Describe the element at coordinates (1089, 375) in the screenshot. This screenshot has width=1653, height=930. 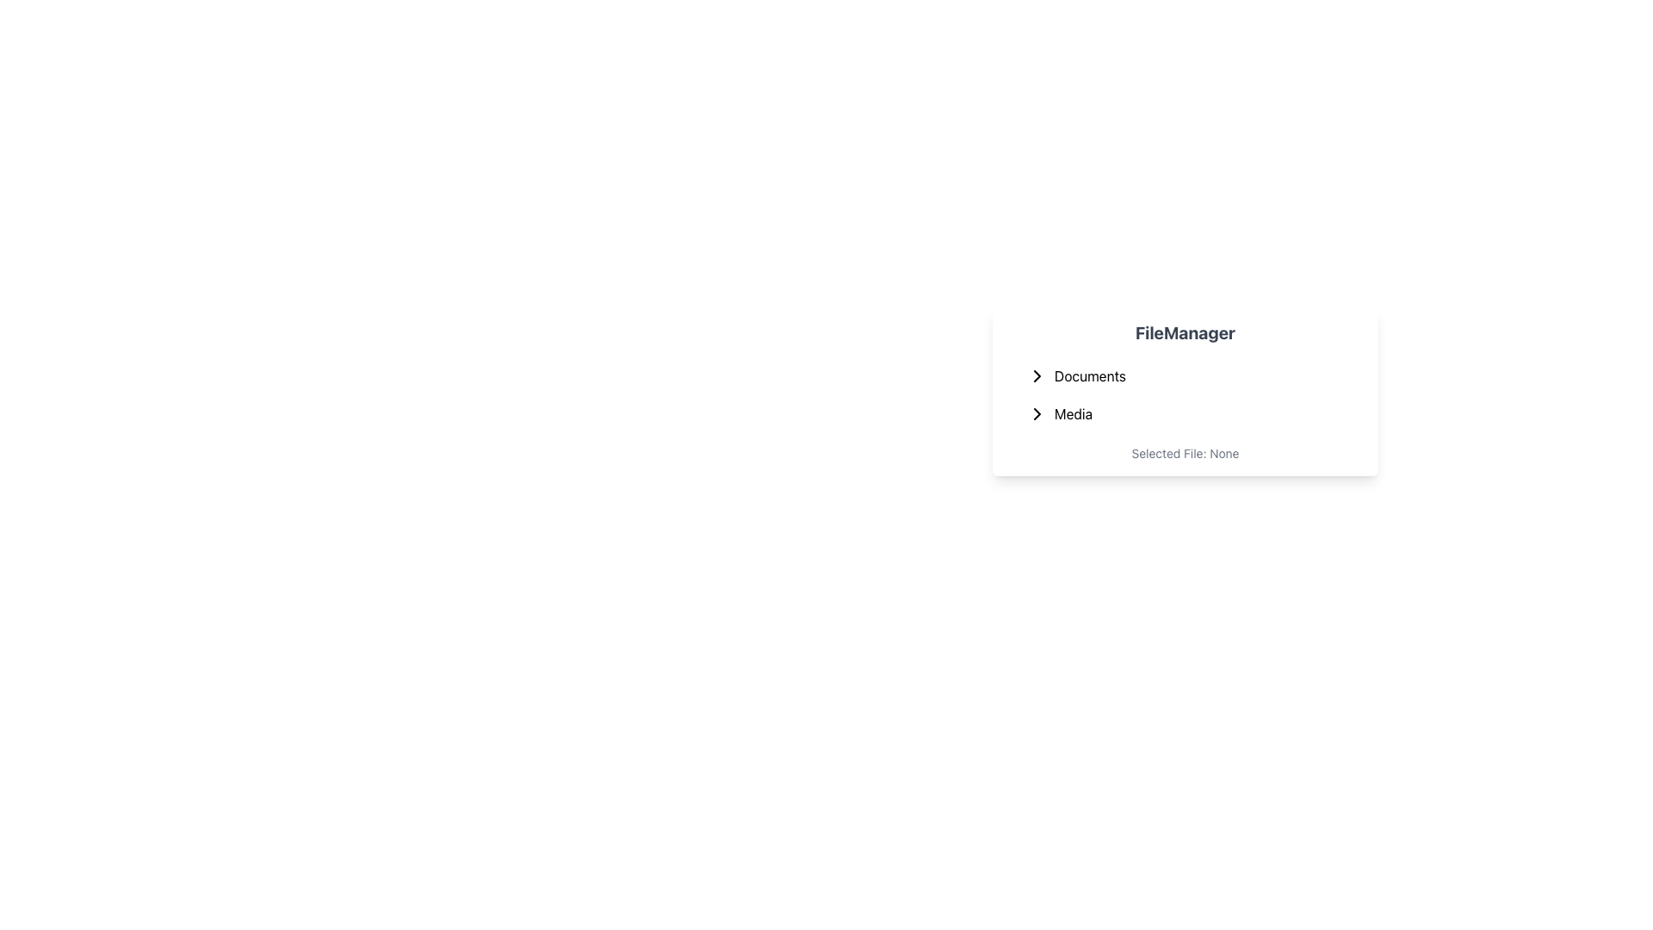
I see `the 'Documents' text label, which serves as a menu entry for navigating or expanding a submenu related to documents, located under the 'FileManager' heading` at that location.